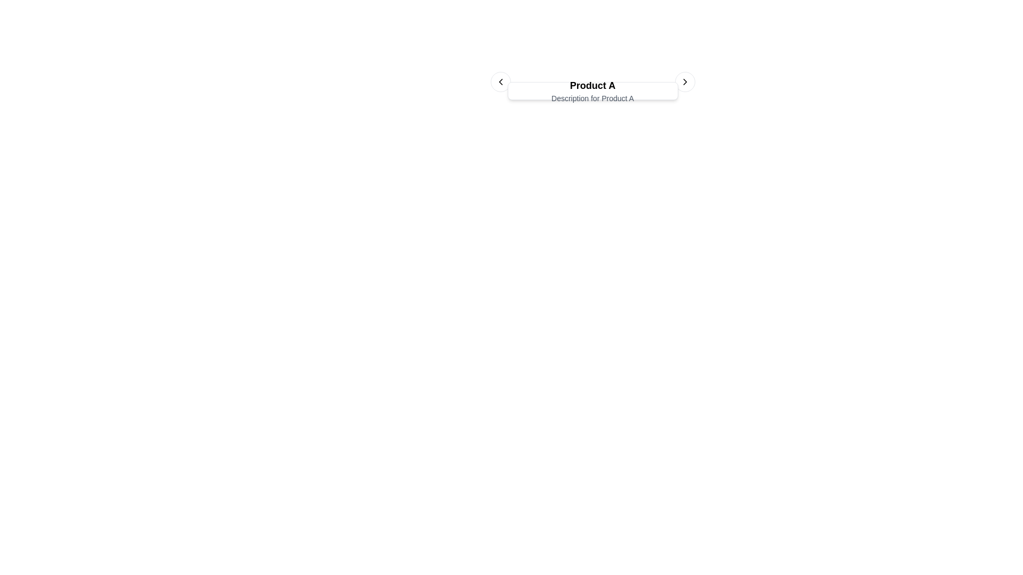  I want to click on the right-facing chevron icon contained within a circular button, so click(685, 81).